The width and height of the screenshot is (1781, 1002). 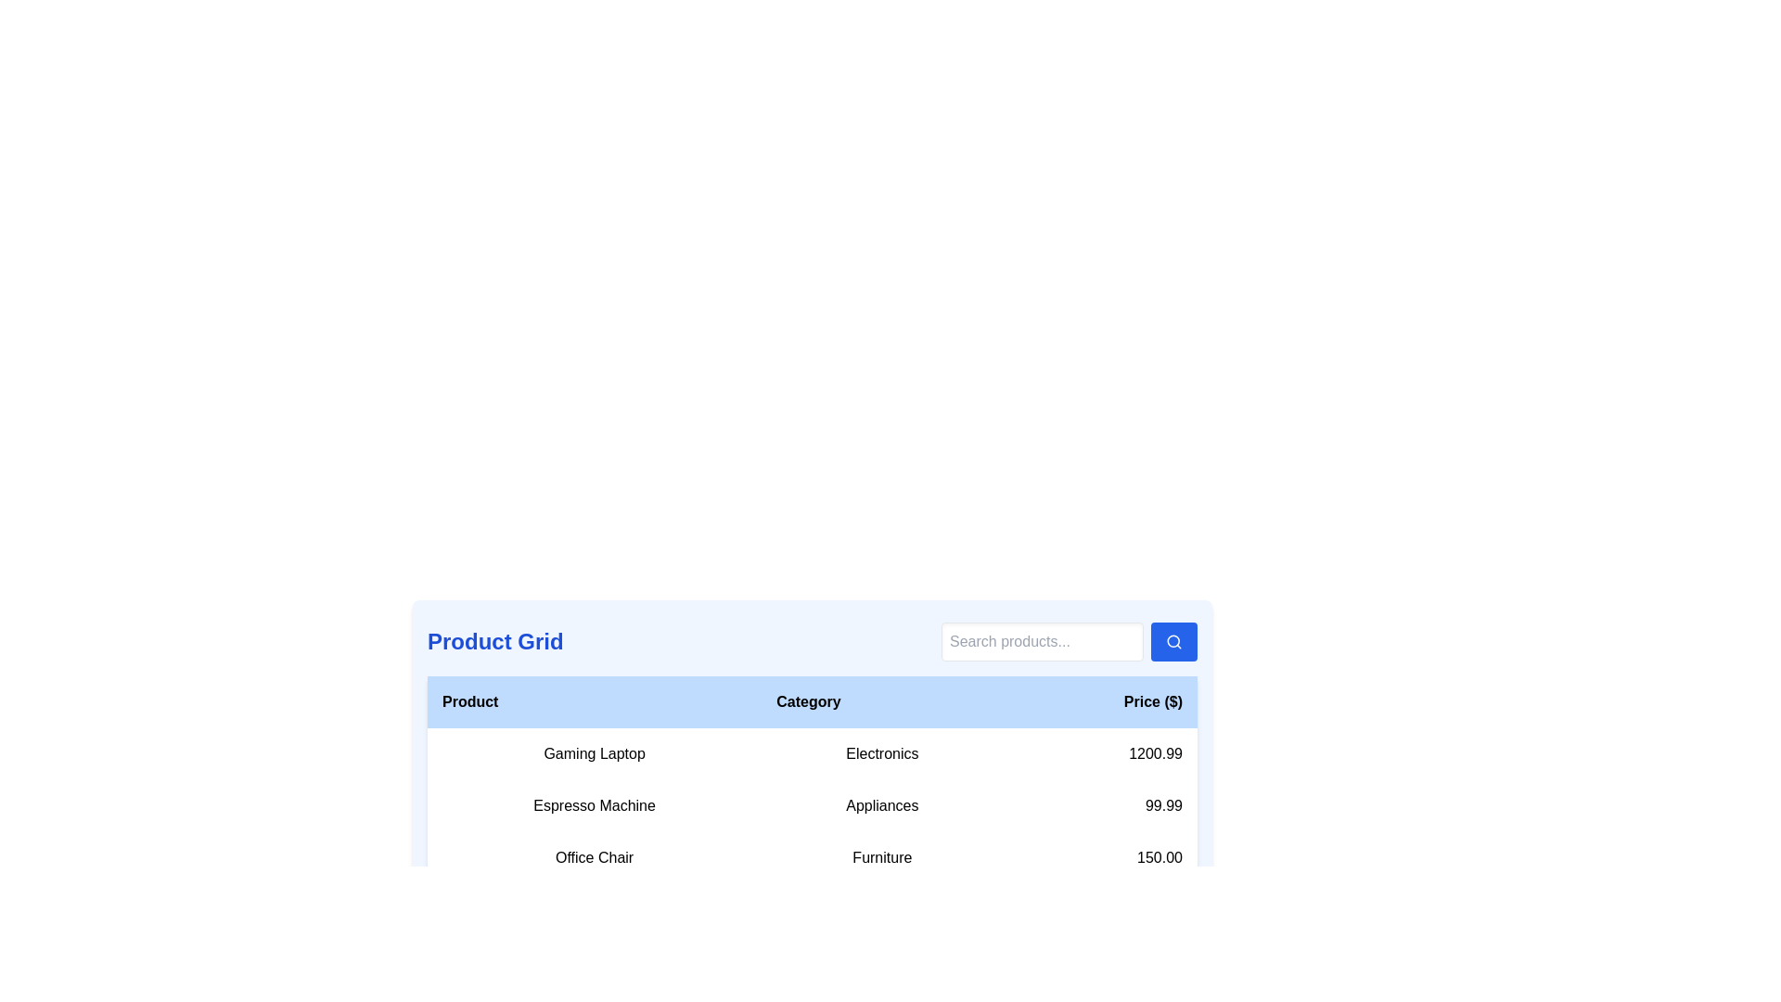 I want to click on the table row element containing 'Espresso Machine', 'Appliances', and '99.99', located in the second row of the table, so click(x=812, y=804).